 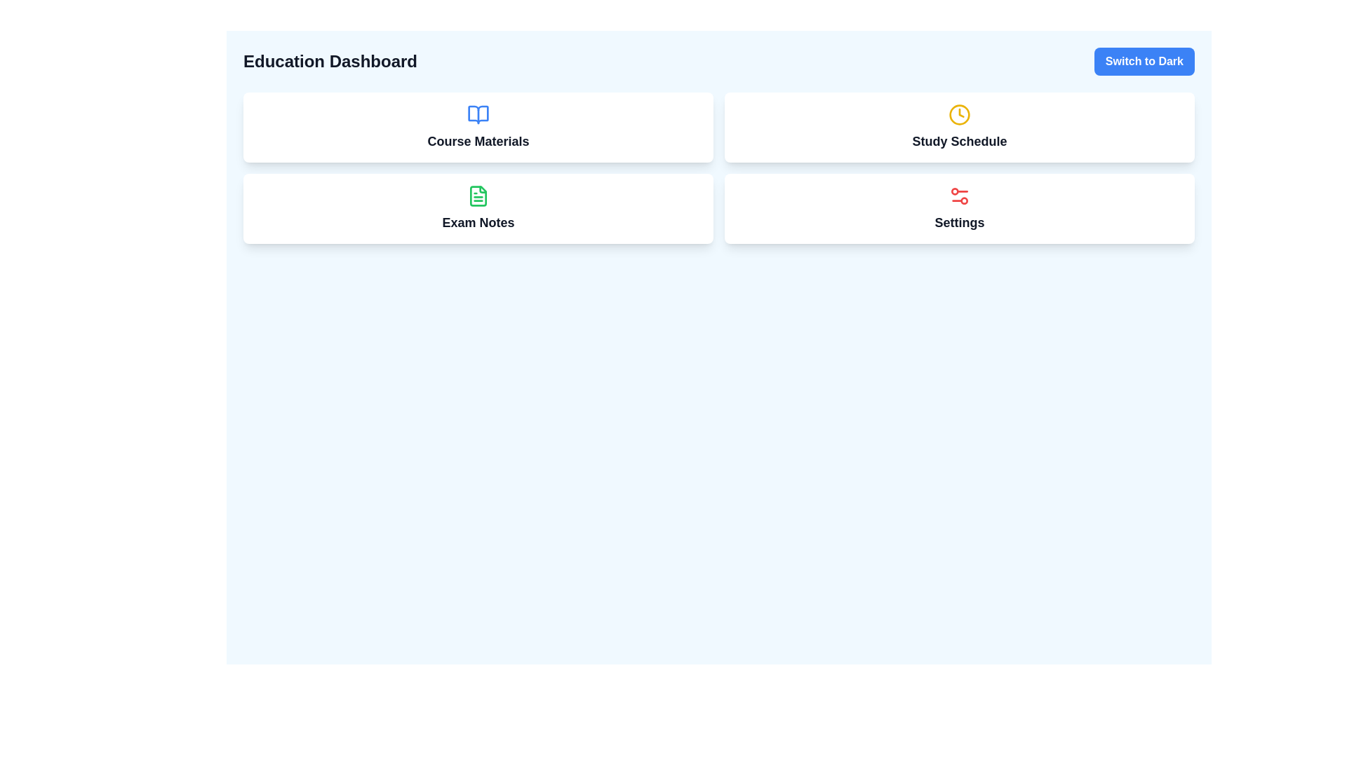 What do you see at coordinates (959, 114) in the screenshot?
I see `the yellow clock icon located at the top-center of the 'Study Schedule' panel, aligned with its title text` at bounding box center [959, 114].